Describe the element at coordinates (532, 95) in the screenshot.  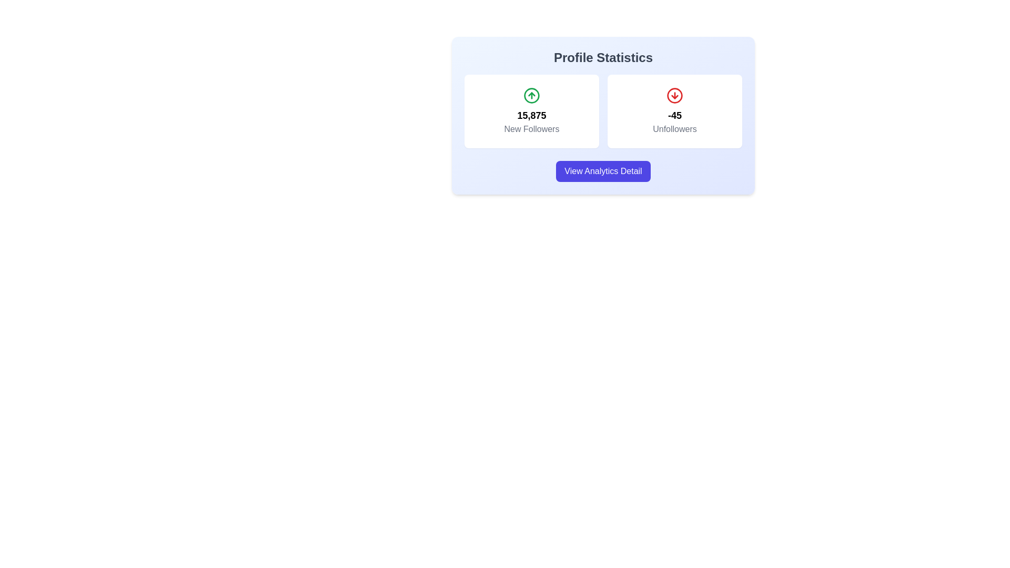
I see `the green circle icon with a white upward arrow indicating 'up' or 'positive' direction, located above '15,875 New Followers' in the 'Profile Statistics' section` at that location.